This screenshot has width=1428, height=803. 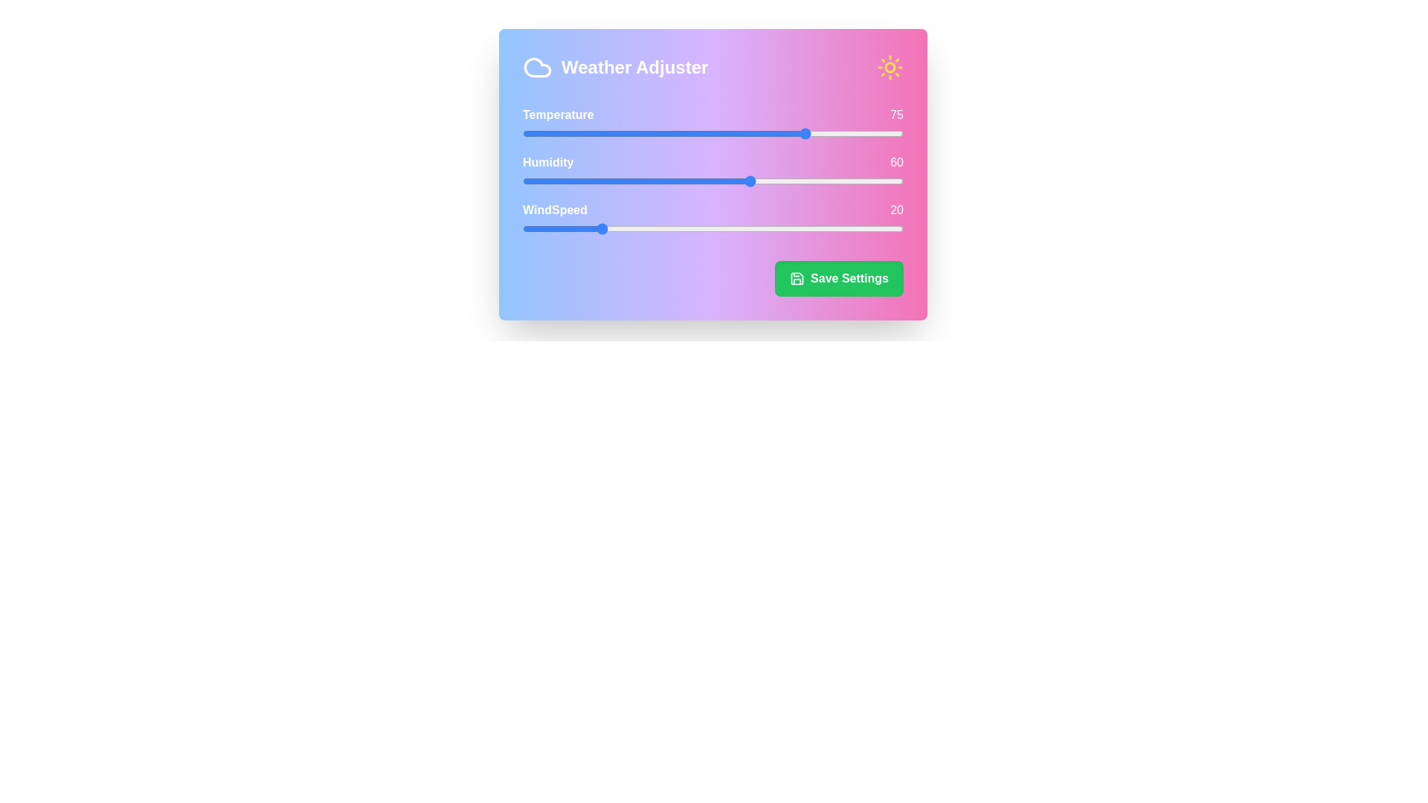 I want to click on the humidity, so click(x=747, y=180).